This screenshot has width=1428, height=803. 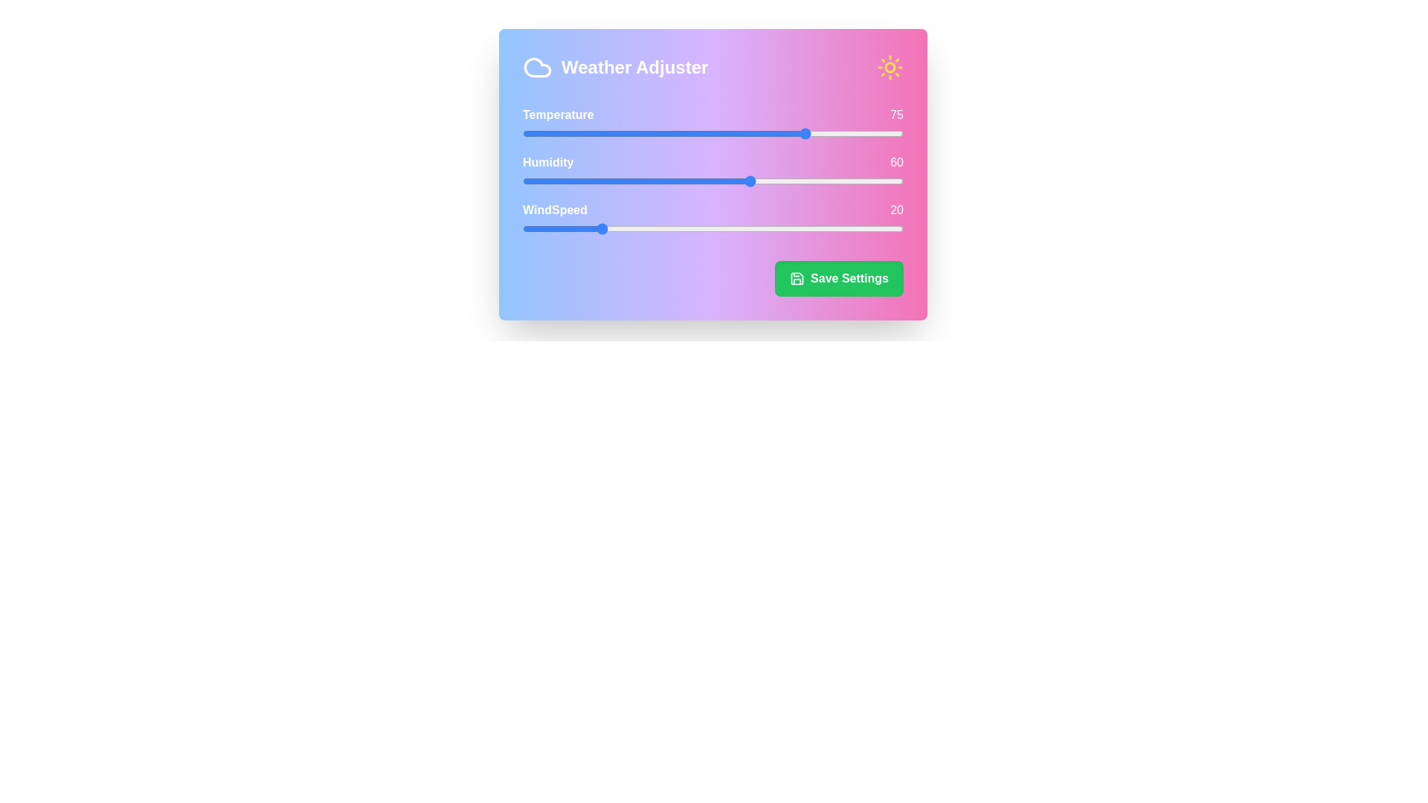 I want to click on the humidity, so click(x=747, y=180).